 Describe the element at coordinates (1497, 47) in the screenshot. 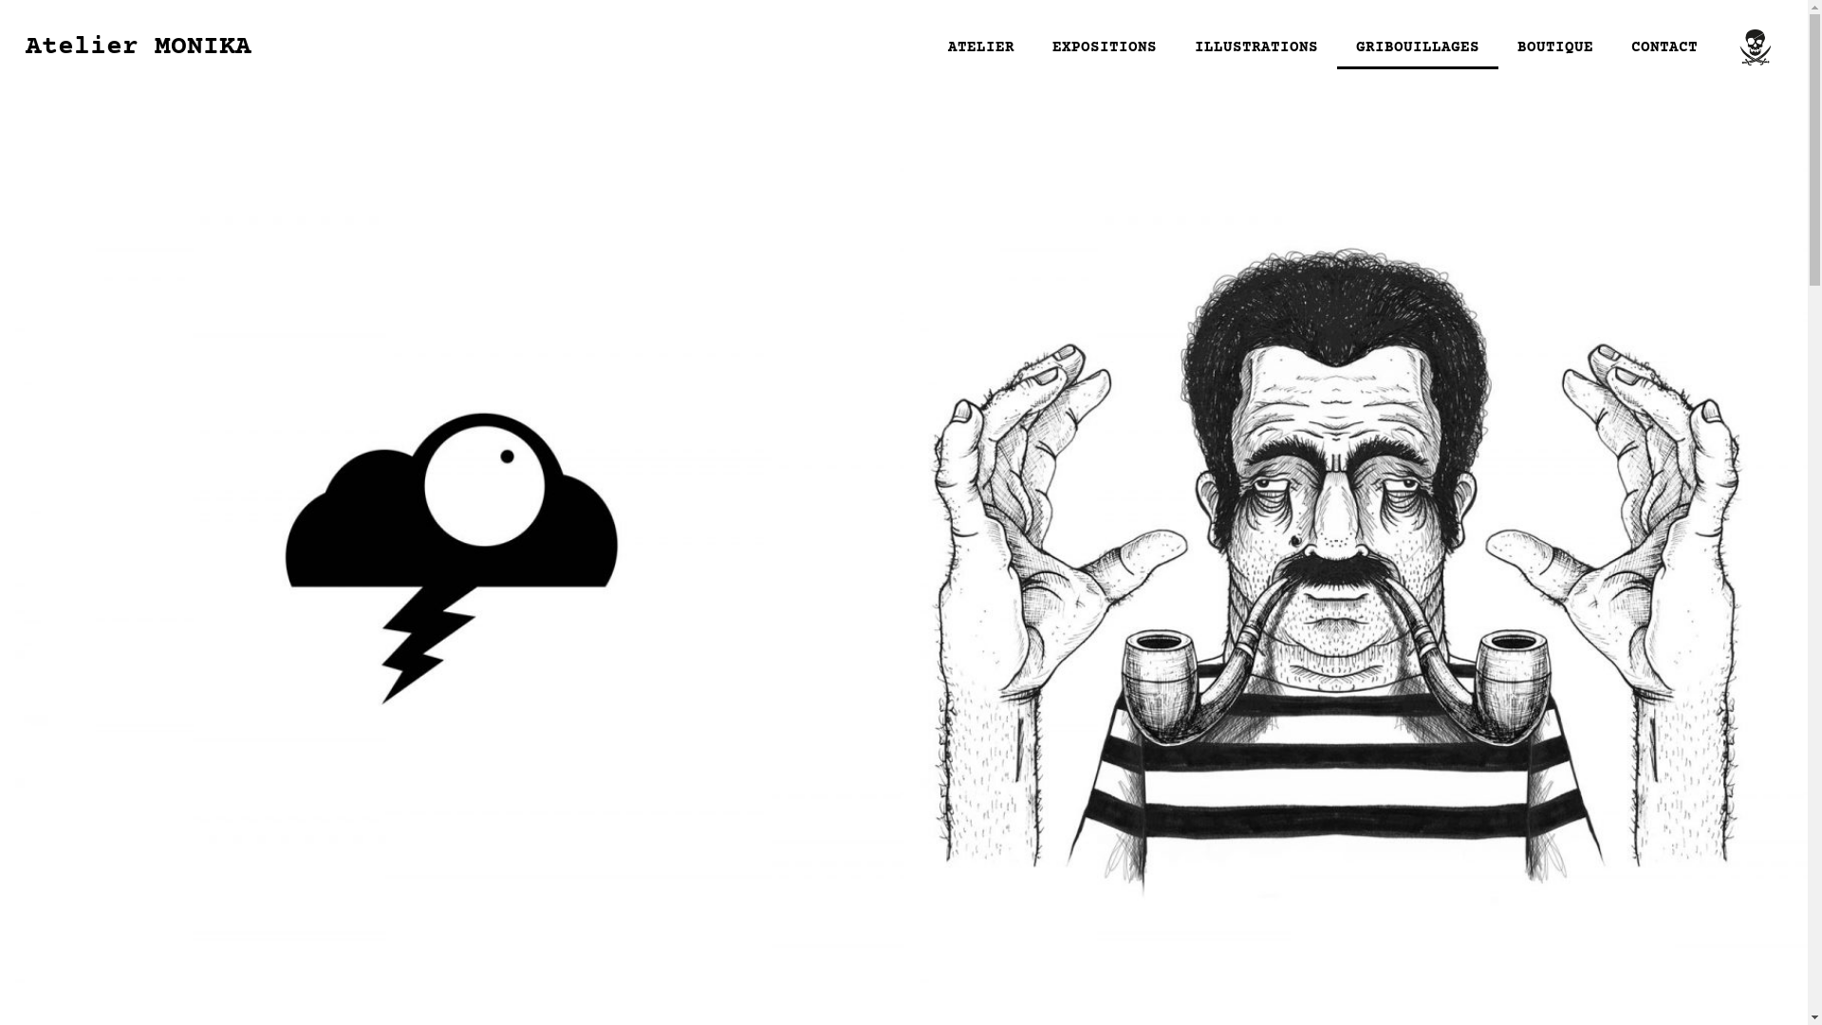

I see `'BOUTIQUE'` at that location.